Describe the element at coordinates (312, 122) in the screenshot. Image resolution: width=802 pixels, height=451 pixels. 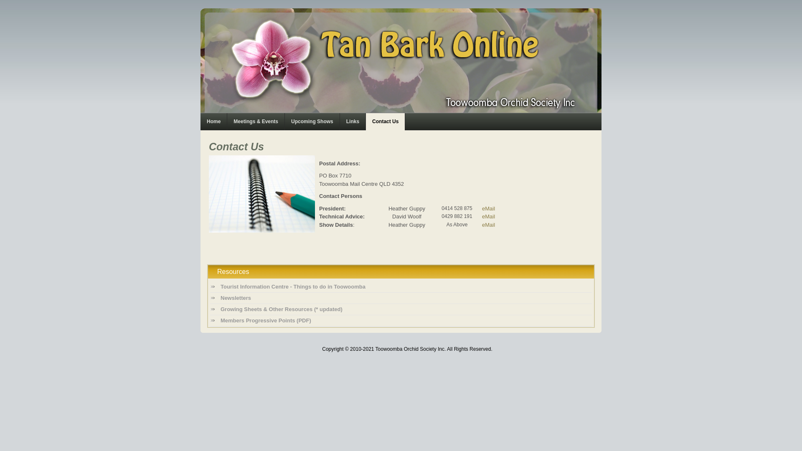
I see `'Upcoming Shows'` at that location.